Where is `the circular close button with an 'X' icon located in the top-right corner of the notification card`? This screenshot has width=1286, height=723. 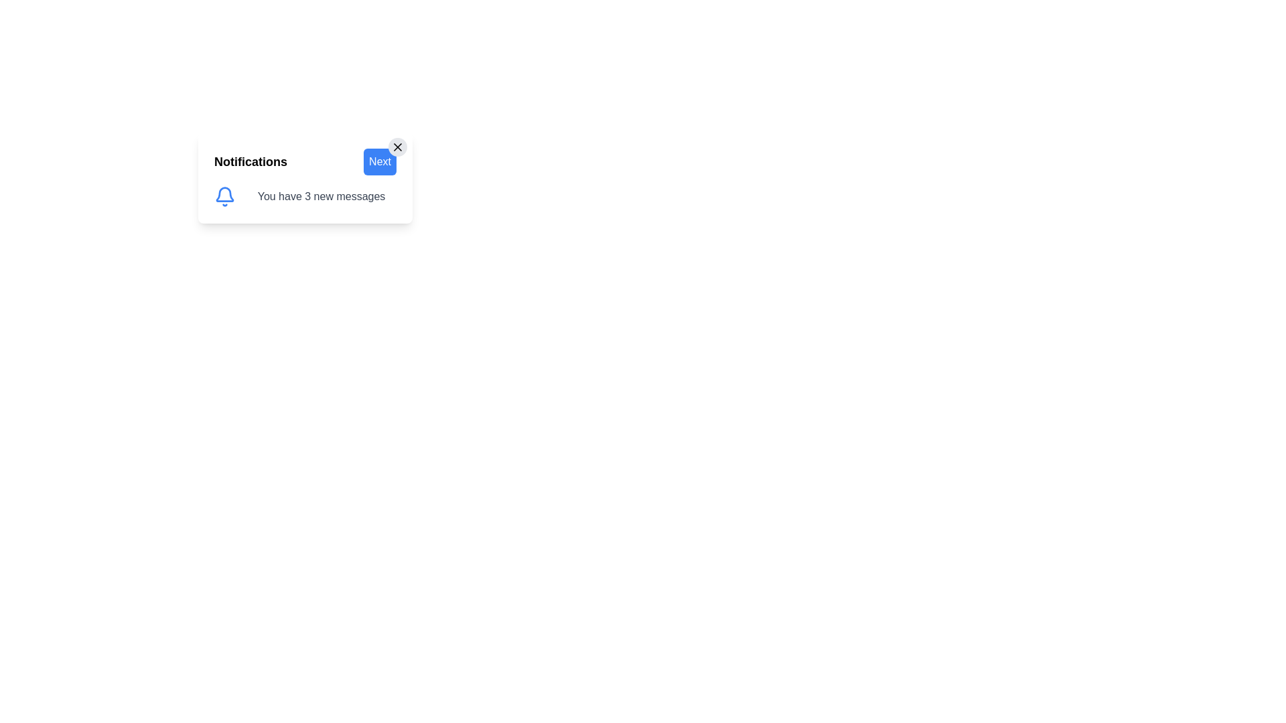 the circular close button with an 'X' icon located in the top-right corner of the notification card is located at coordinates (397, 147).